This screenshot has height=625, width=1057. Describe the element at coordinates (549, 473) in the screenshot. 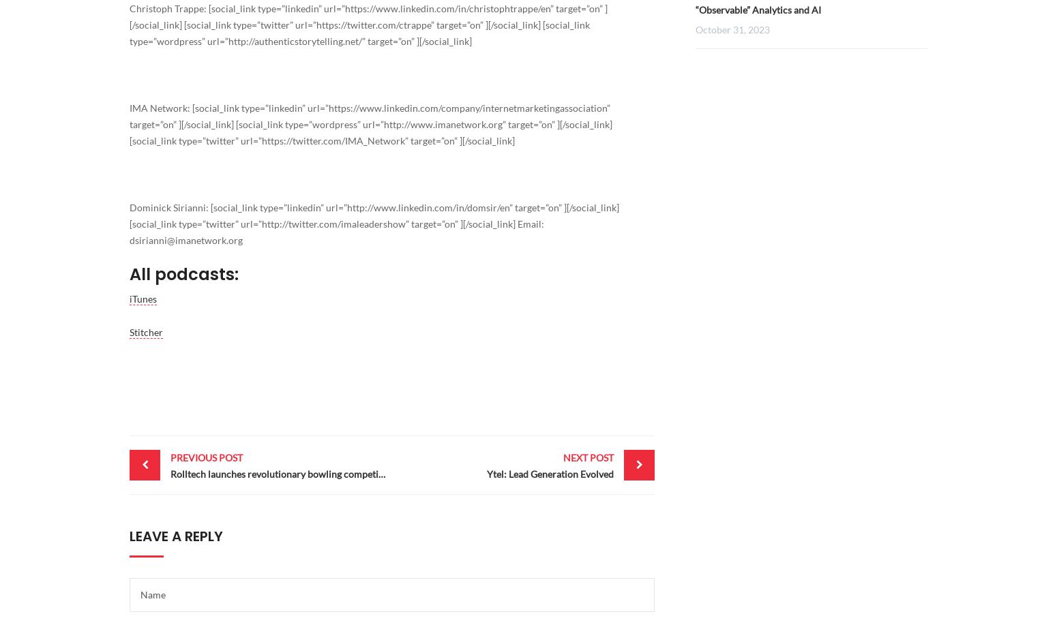

I see `'Ytel: Lead Generation Evolved'` at that location.